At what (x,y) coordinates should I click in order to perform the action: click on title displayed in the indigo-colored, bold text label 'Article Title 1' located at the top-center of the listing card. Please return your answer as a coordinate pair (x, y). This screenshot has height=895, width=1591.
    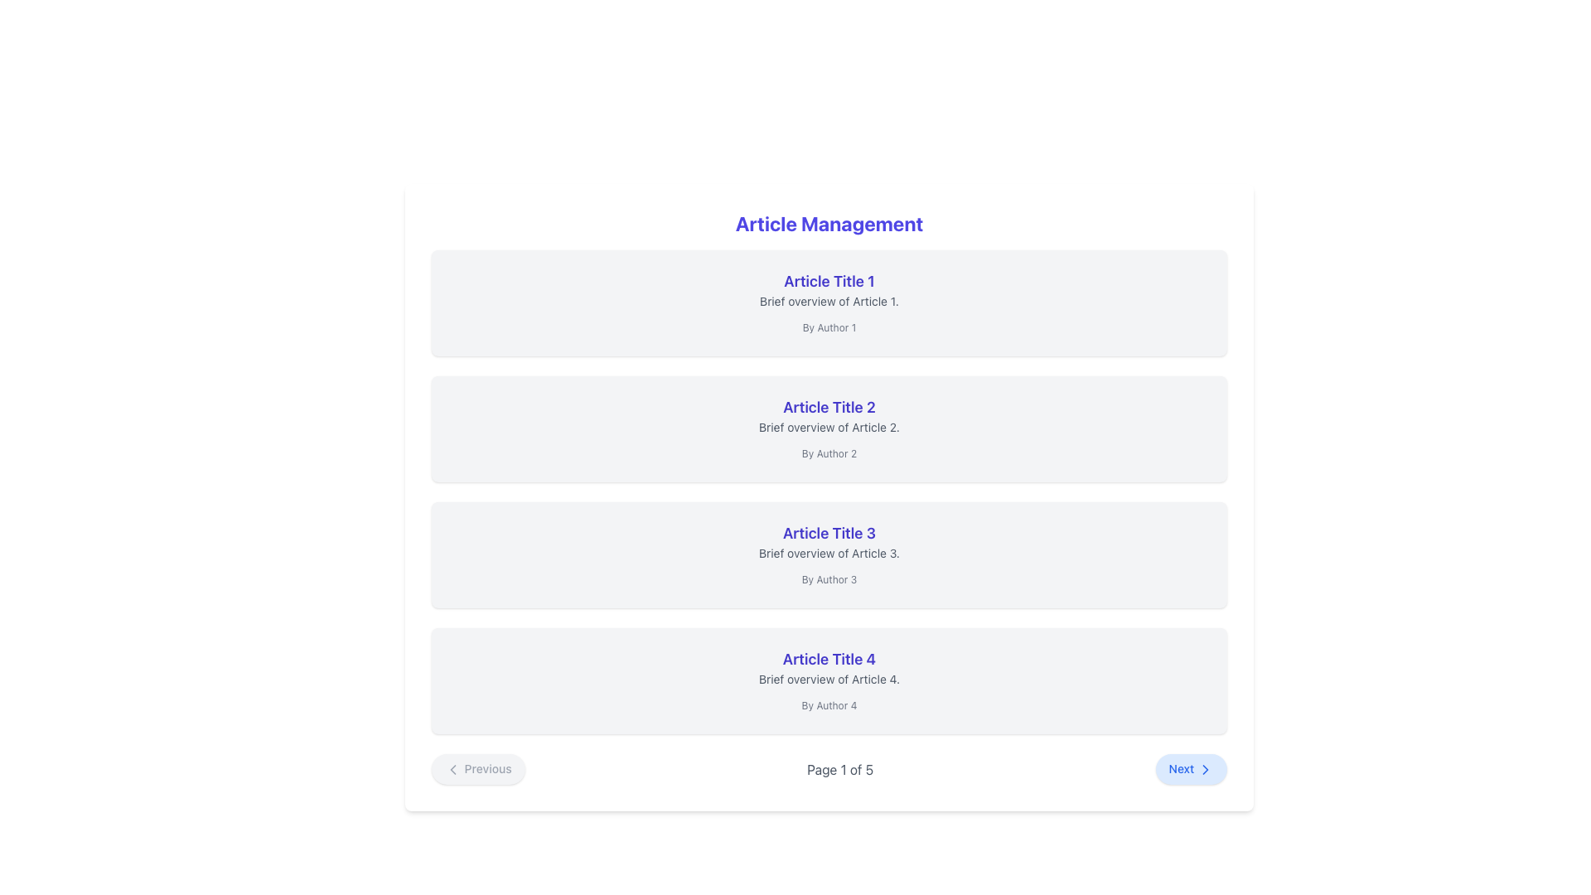
    Looking at the image, I should click on (829, 280).